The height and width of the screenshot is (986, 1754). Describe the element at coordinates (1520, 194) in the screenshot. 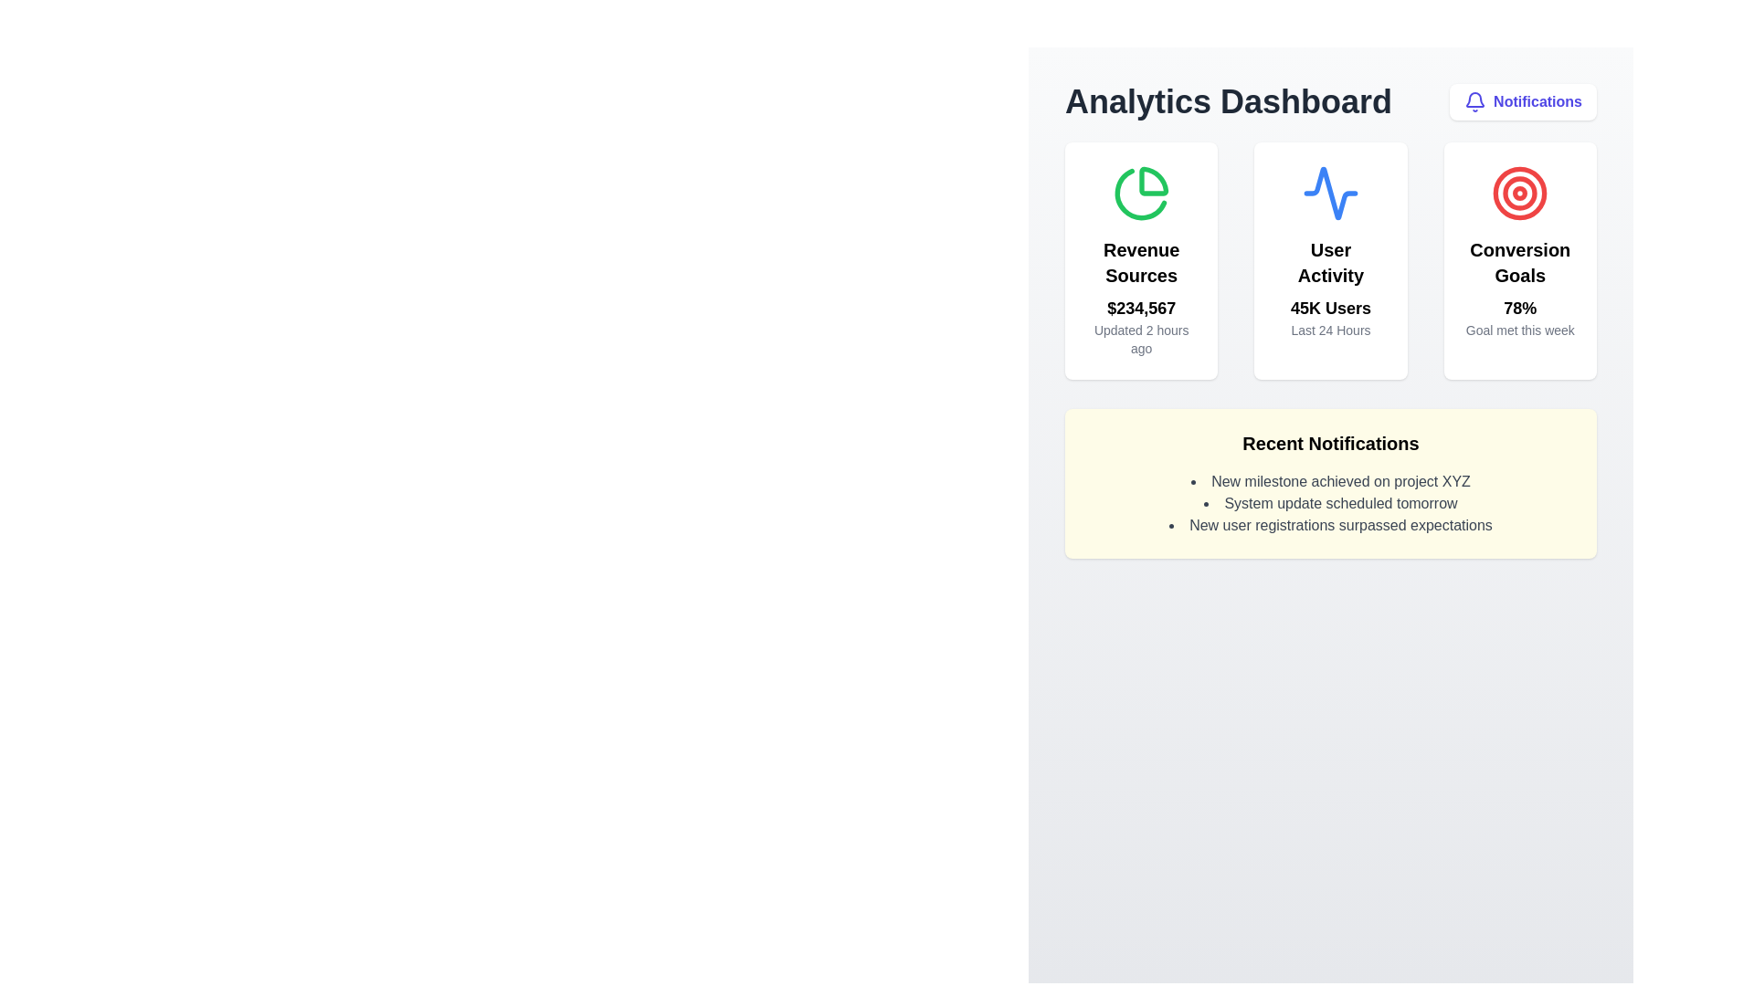

I see `the outer circle of the SVG icon located at the top-right corner of the dashboard, part of the 'Conversion Goals' card to trigger a possible UI response` at that location.